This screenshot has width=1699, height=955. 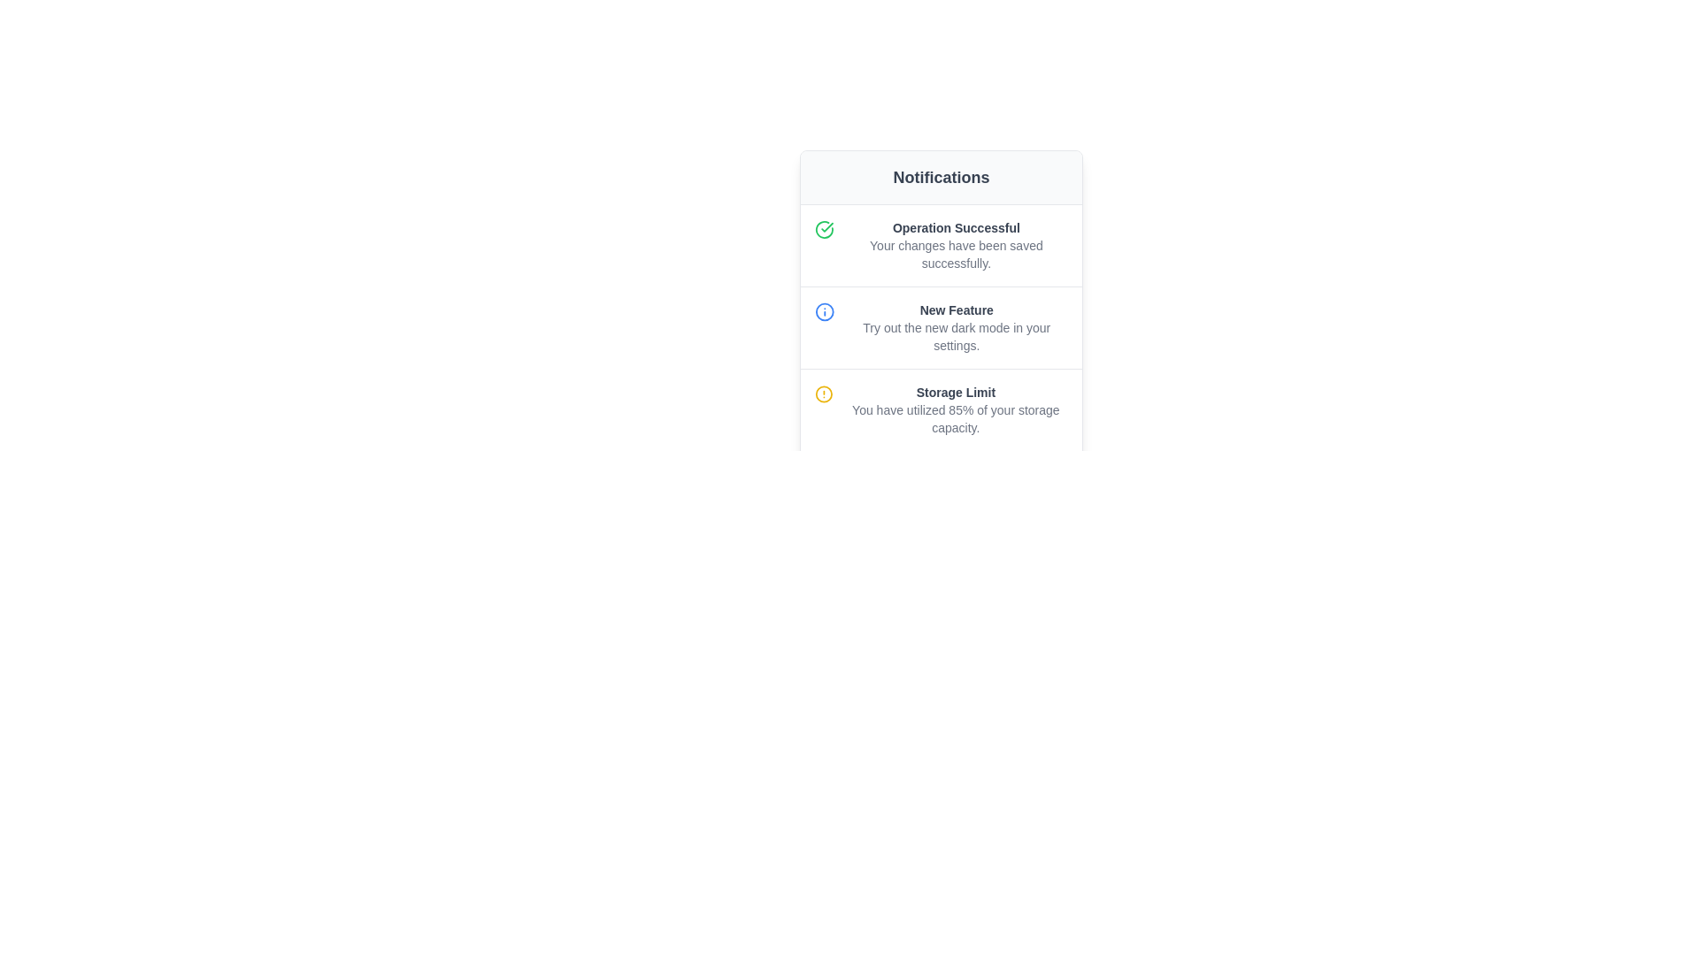 I want to click on the third notification entry in the list that informs the user about 85% storage usage, positioned between 'New Feature' and 'Action Required', so click(x=941, y=409).